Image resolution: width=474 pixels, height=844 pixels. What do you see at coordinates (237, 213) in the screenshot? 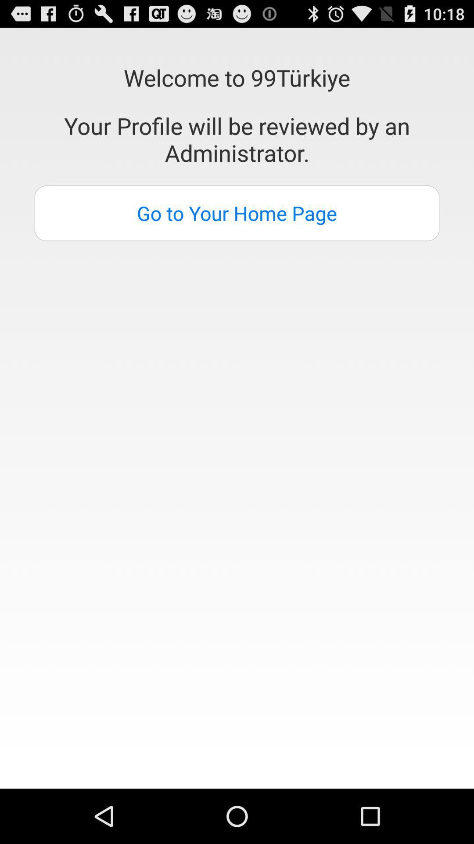
I see `item below the your profile will icon` at bounding box center [237, 213].